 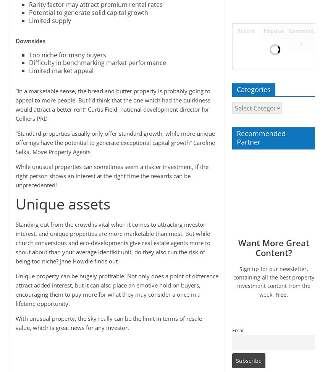 I want to click on 'Limited market appeal', so click(x=60, y=70).